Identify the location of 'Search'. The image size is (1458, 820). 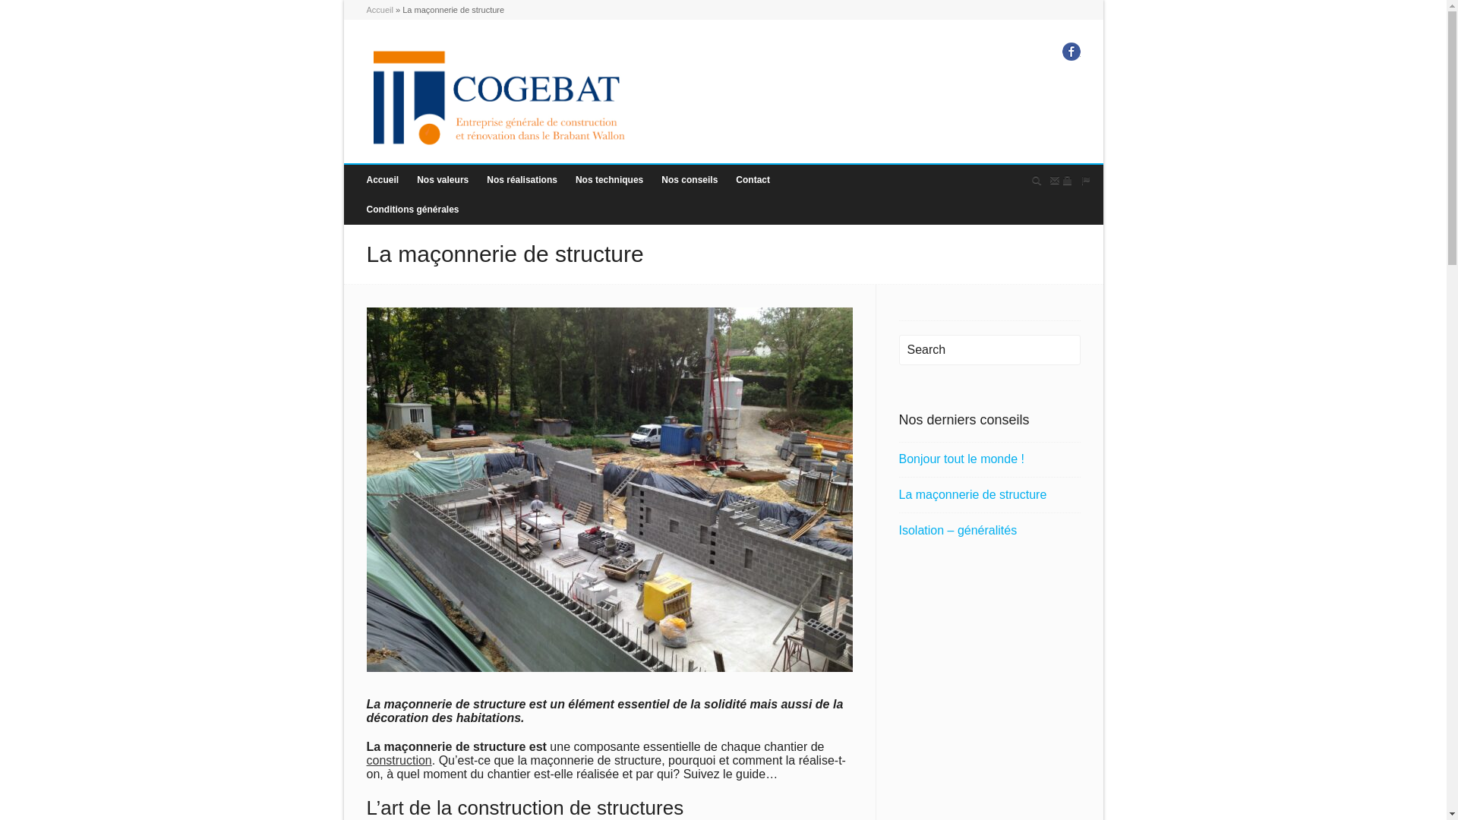
(989, 350).